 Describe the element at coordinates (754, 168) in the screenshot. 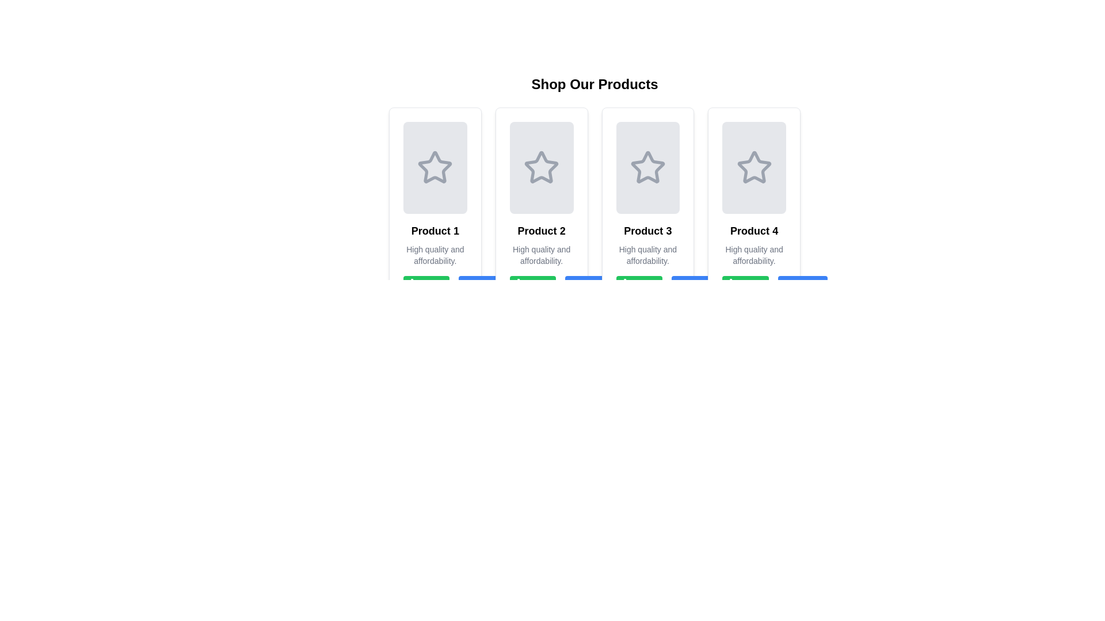

I see `the star-shaped icon with a hollow center in light gray color to rate it, located in the card UI of 'Product 4' under the section 'Shop Our Products'` at that location.